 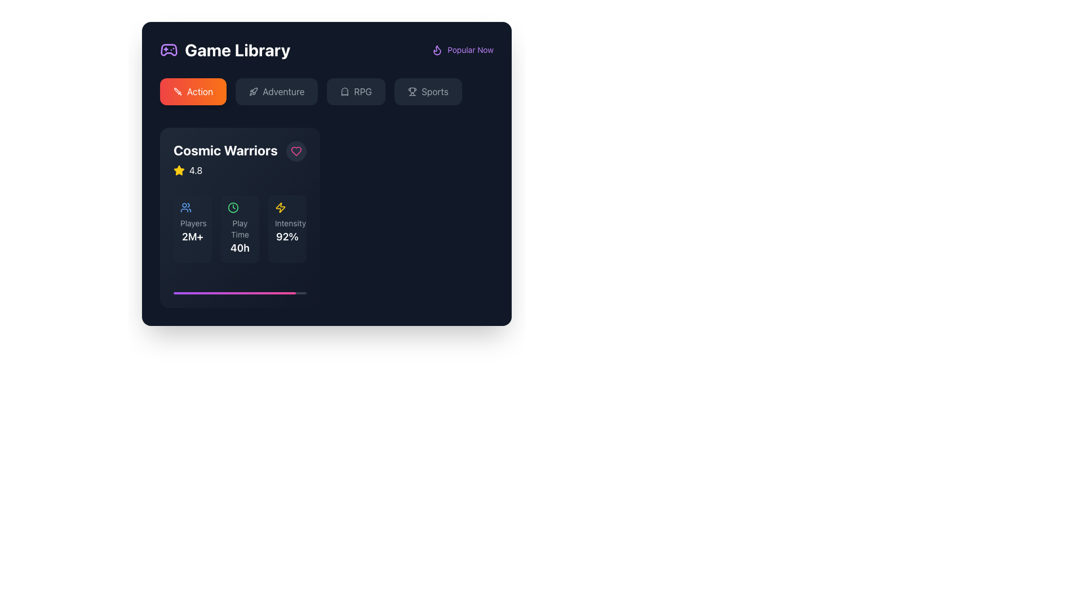 What do you see at coordinates (434, 91) in the screenshot?
I see `the 'Sports' textual label inside the last button of the navigation bar` at bounding box center [434, 91].